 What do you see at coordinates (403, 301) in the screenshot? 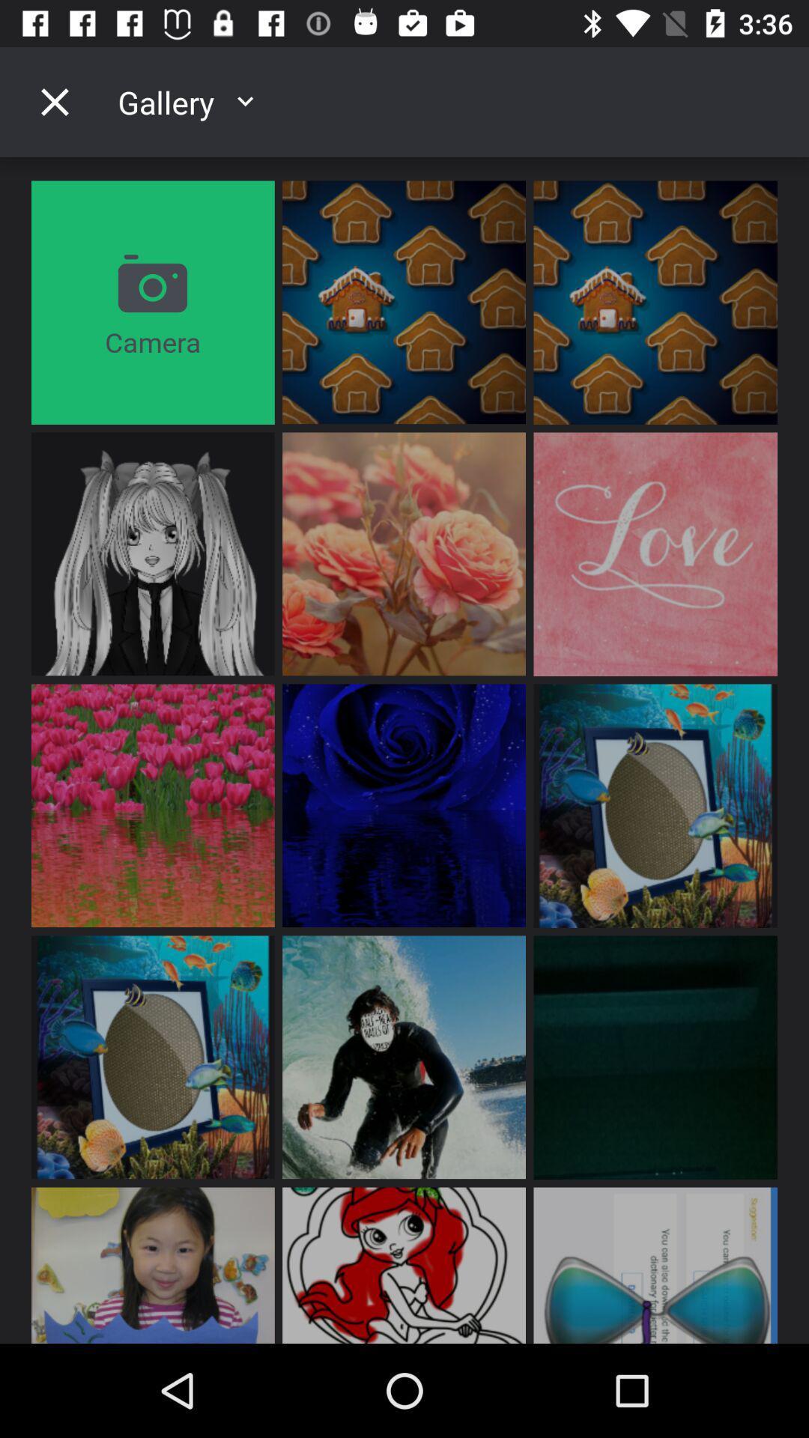
I see `the first image` at bounding box center [403, 301].